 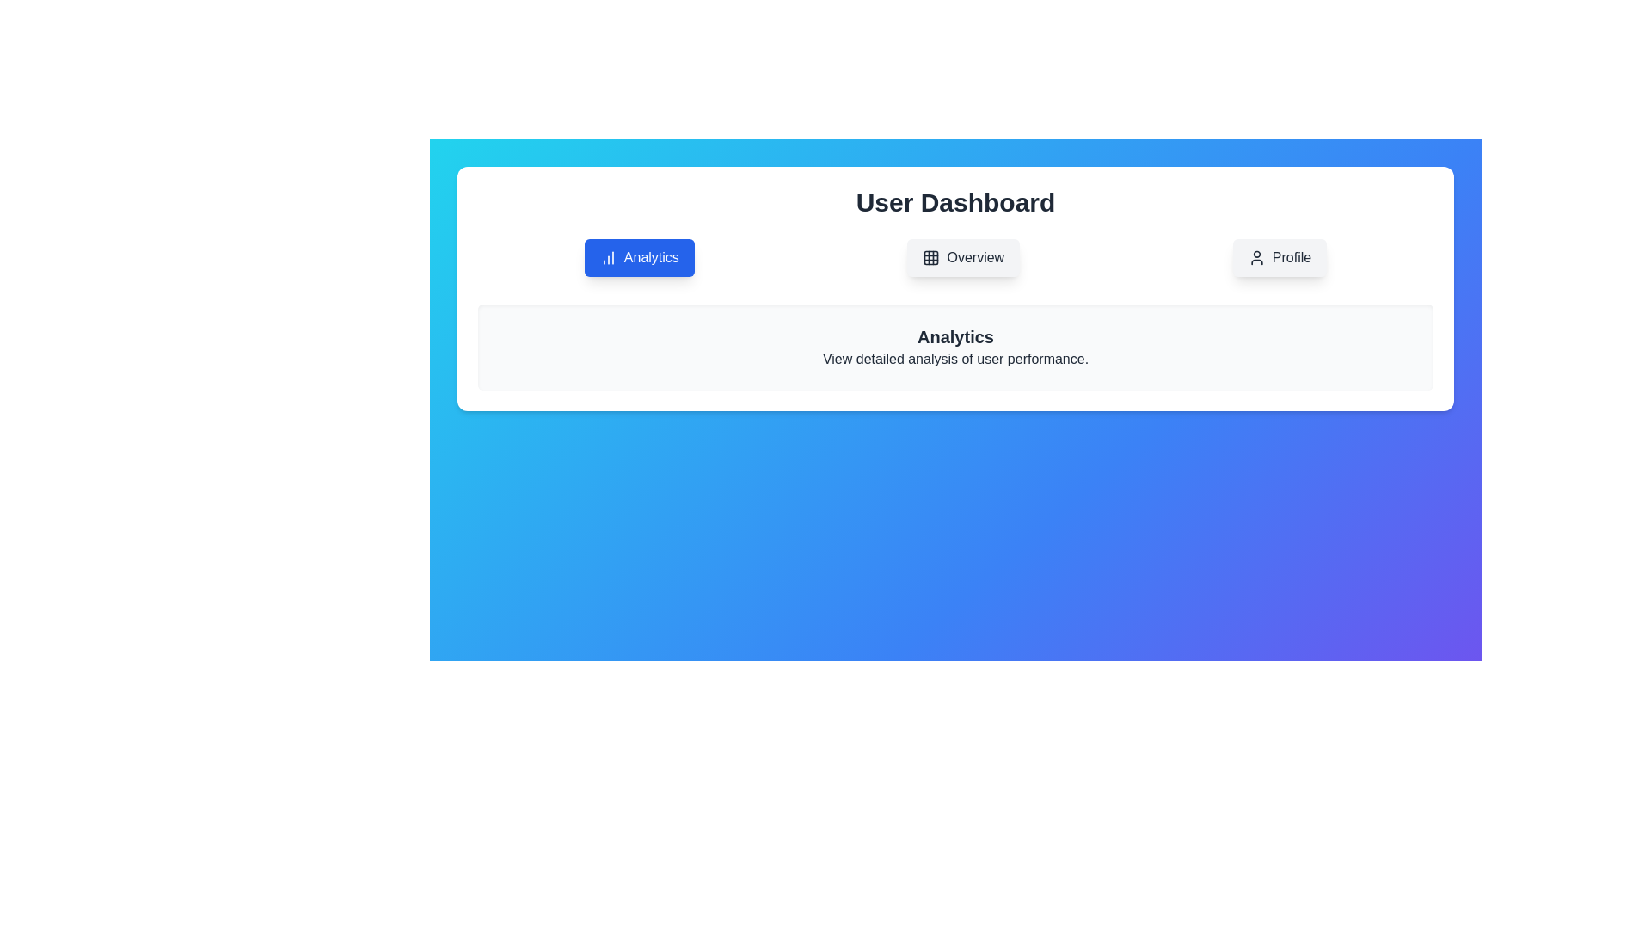 What do you see at coordinates (1280, 258) in the screenshot?
I see `the Profile button to switch to the respective tab` at bounding box center [1280, 258].